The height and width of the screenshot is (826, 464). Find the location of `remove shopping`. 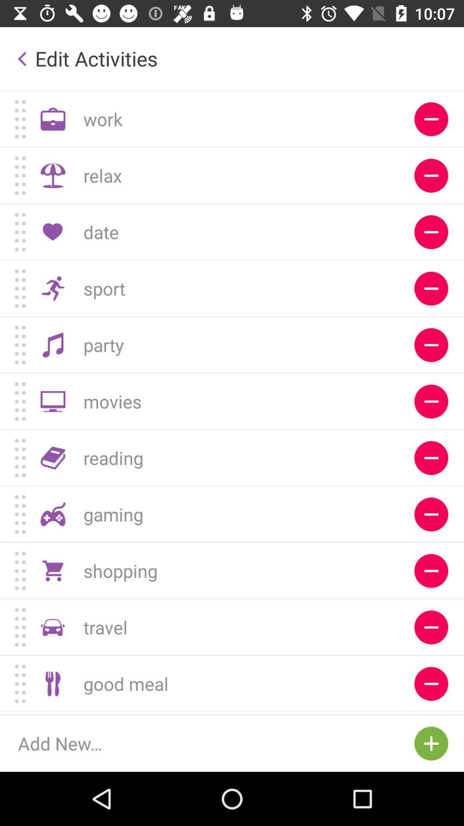

remove shopping is located at coordinates (431, 571).